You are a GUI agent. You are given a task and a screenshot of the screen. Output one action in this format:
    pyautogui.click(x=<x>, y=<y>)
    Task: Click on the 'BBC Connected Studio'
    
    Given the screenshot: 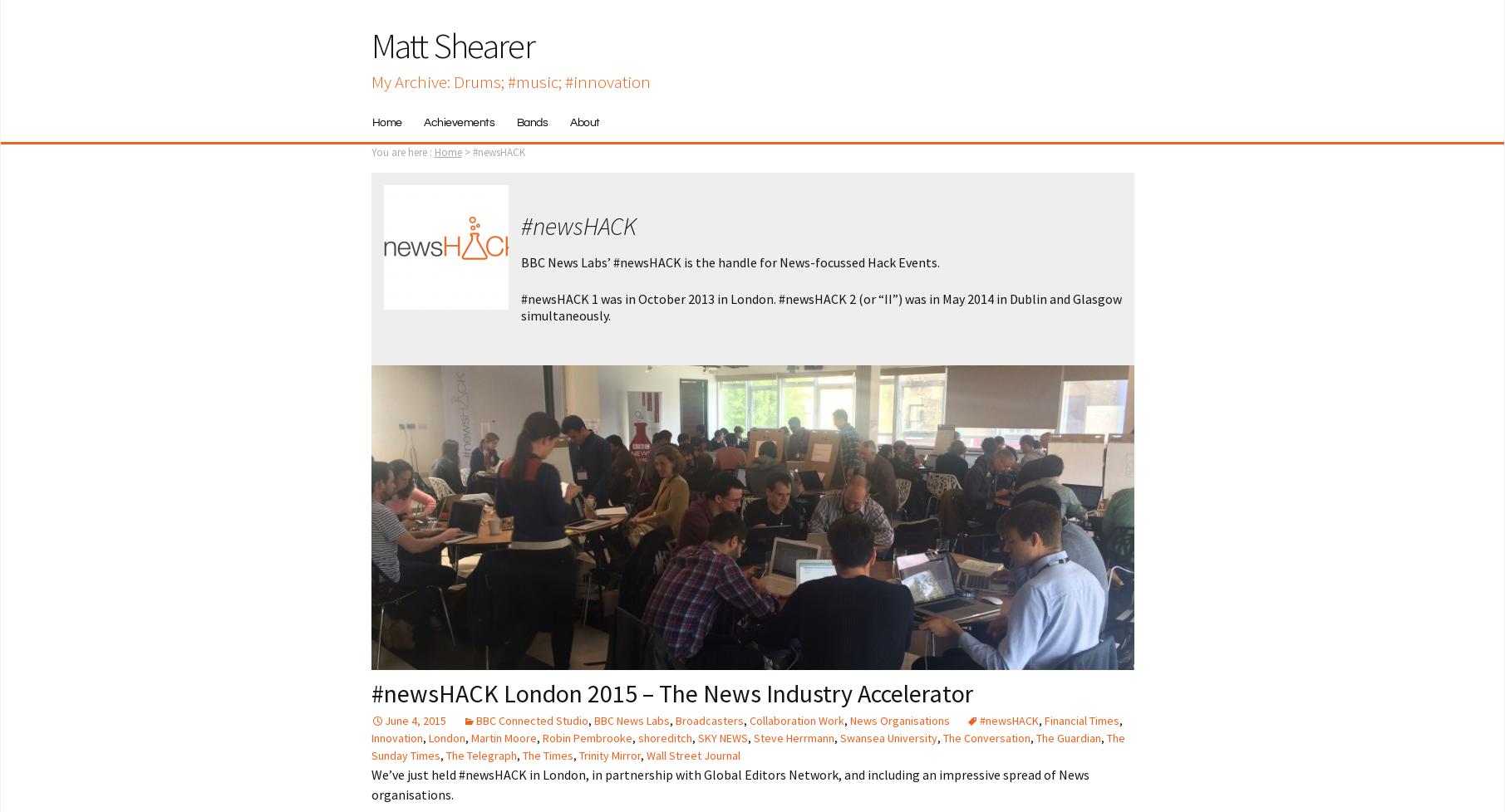 What is the action you would take?
    pyautogui.click(x=531, y=719)
    